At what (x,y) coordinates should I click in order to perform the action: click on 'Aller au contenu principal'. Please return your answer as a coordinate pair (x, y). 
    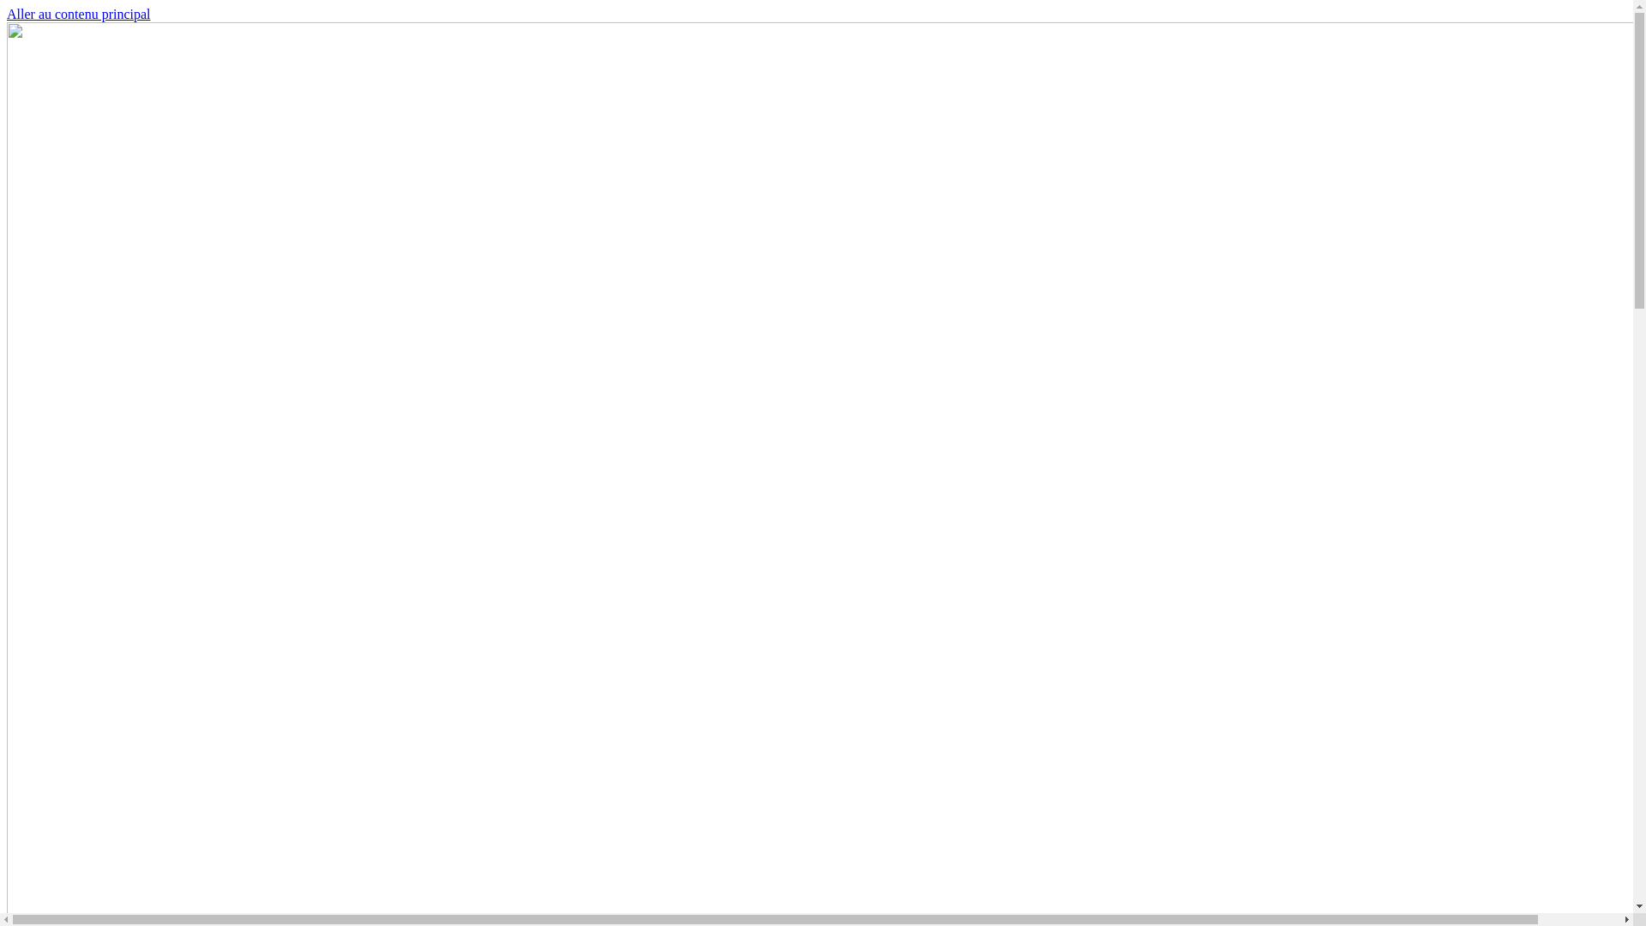
    Looking at the image, I should click on (77, 14).